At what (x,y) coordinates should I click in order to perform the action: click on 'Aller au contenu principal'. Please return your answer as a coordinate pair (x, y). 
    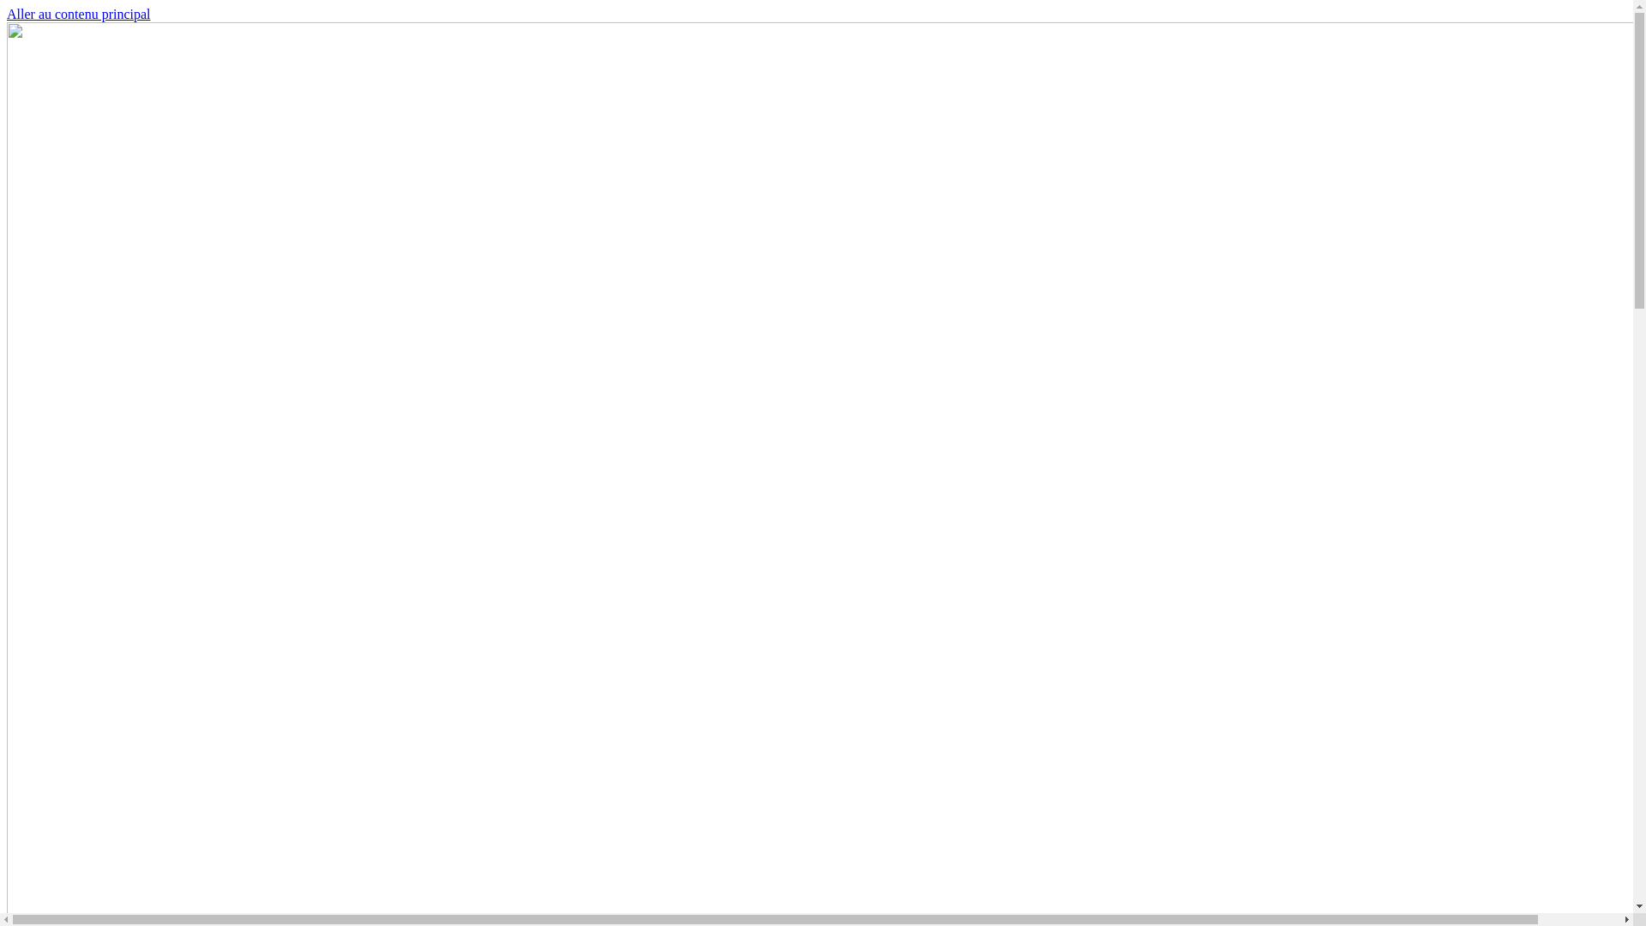
    Looking at the image, I should click on (77, 14).